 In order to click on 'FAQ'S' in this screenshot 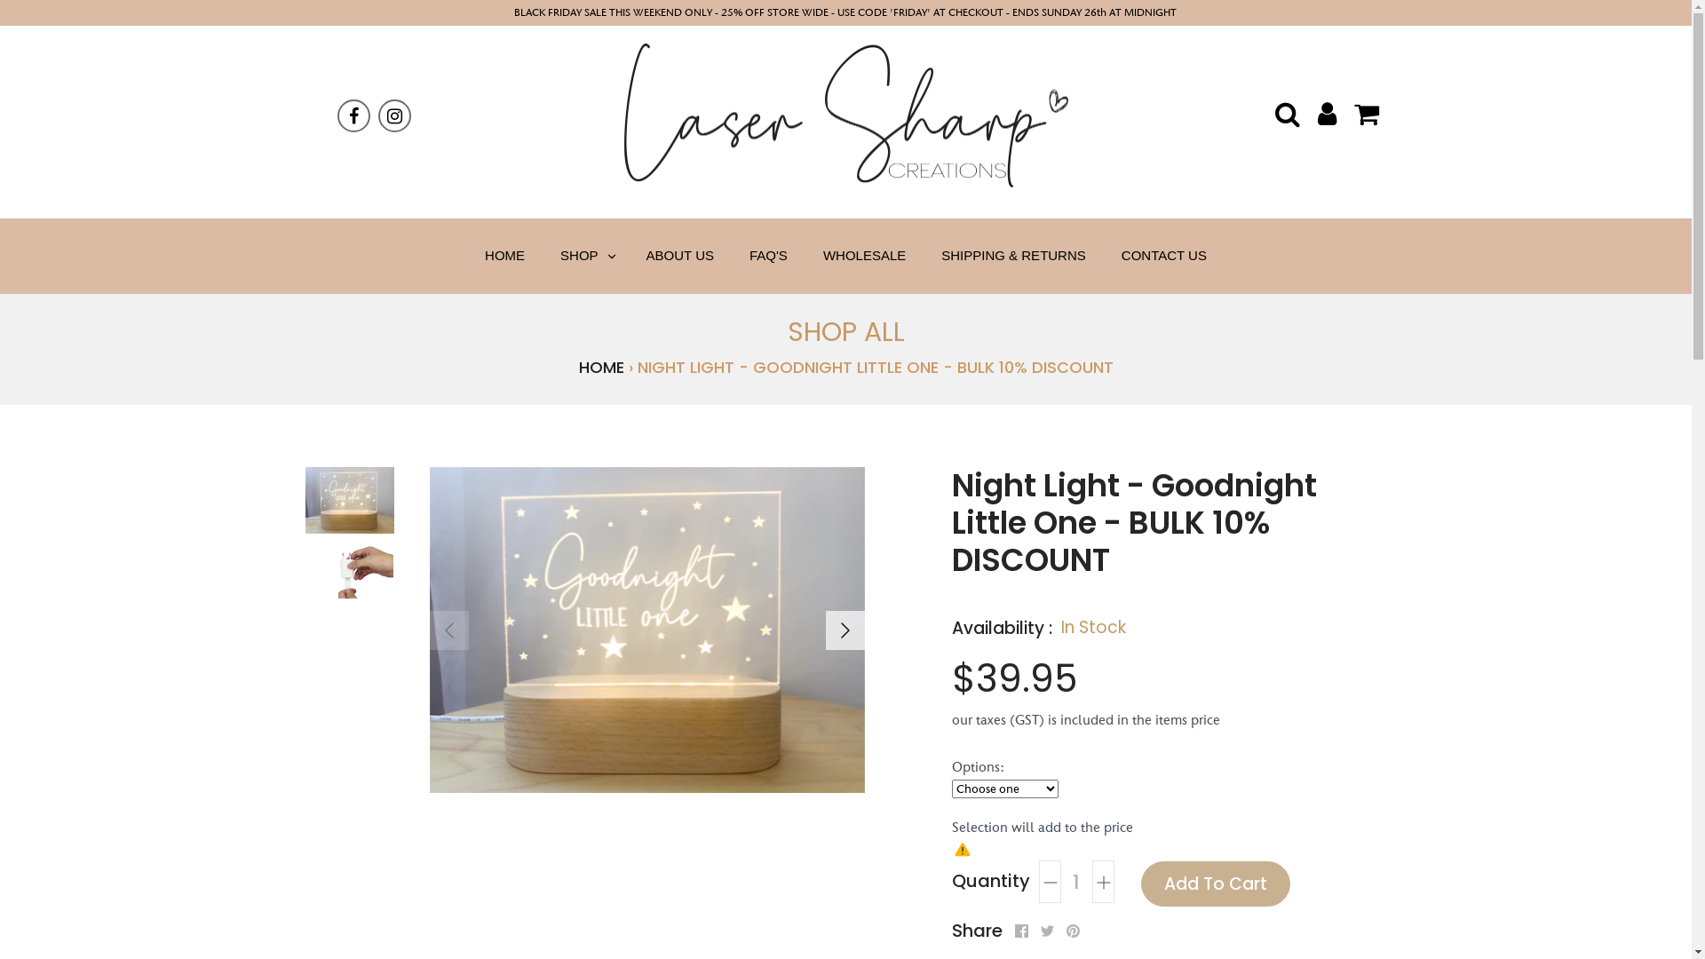, I will do `click(768, 256)`.